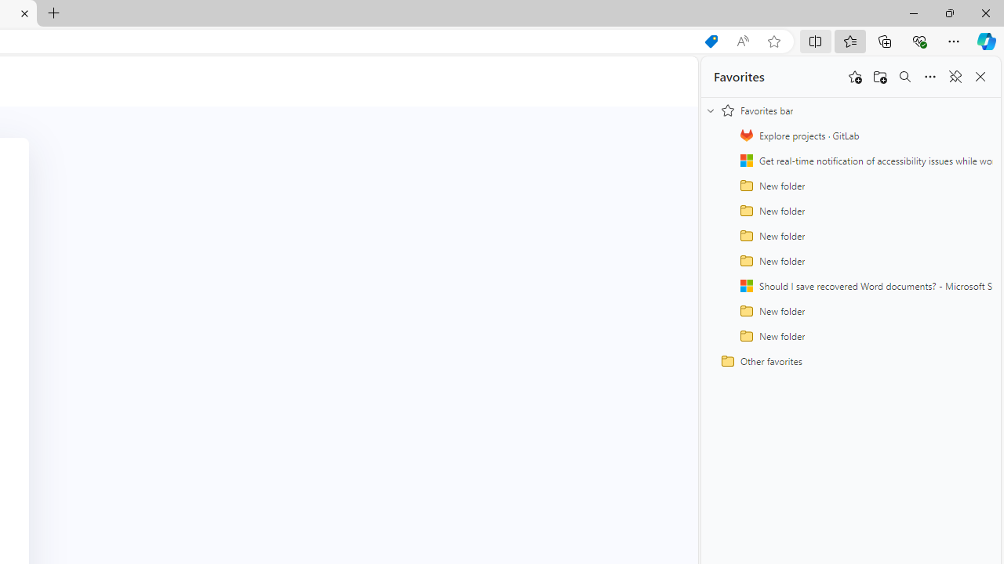  Describe the element at coordinates (980, 77) in the screenshot. I see `'Close favorites'` at that location.